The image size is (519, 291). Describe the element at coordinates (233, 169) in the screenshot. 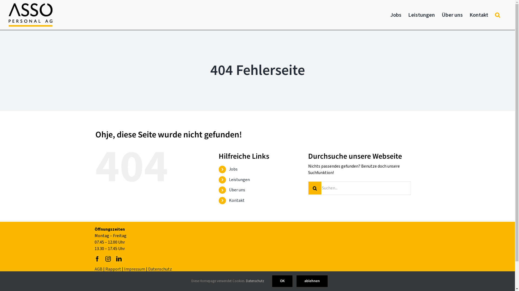

I see `'Jobs'` at that location.